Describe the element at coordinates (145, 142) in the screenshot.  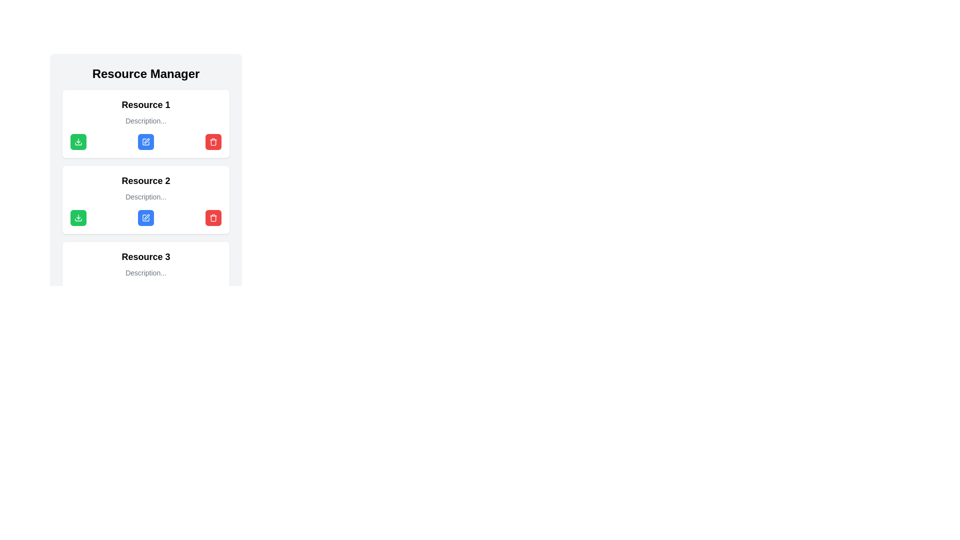
I see `the edit button, which is the second button in a row of three buttons, located in the middle of its row` at that location.